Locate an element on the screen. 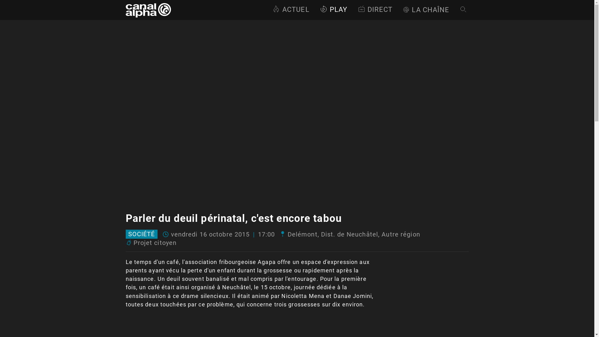  'Projet citoyen' is located at coordinates (155, 242).